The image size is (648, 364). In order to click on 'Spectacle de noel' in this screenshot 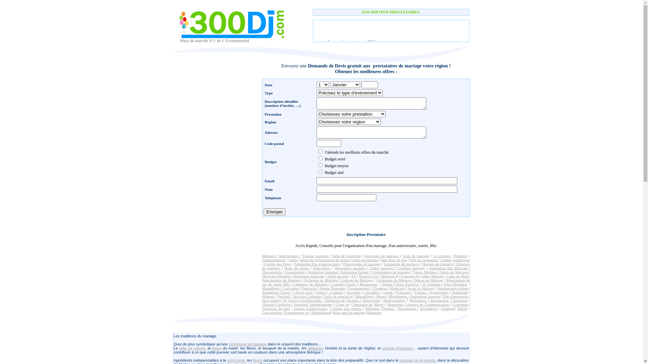, I will do `click(262, 308)`.